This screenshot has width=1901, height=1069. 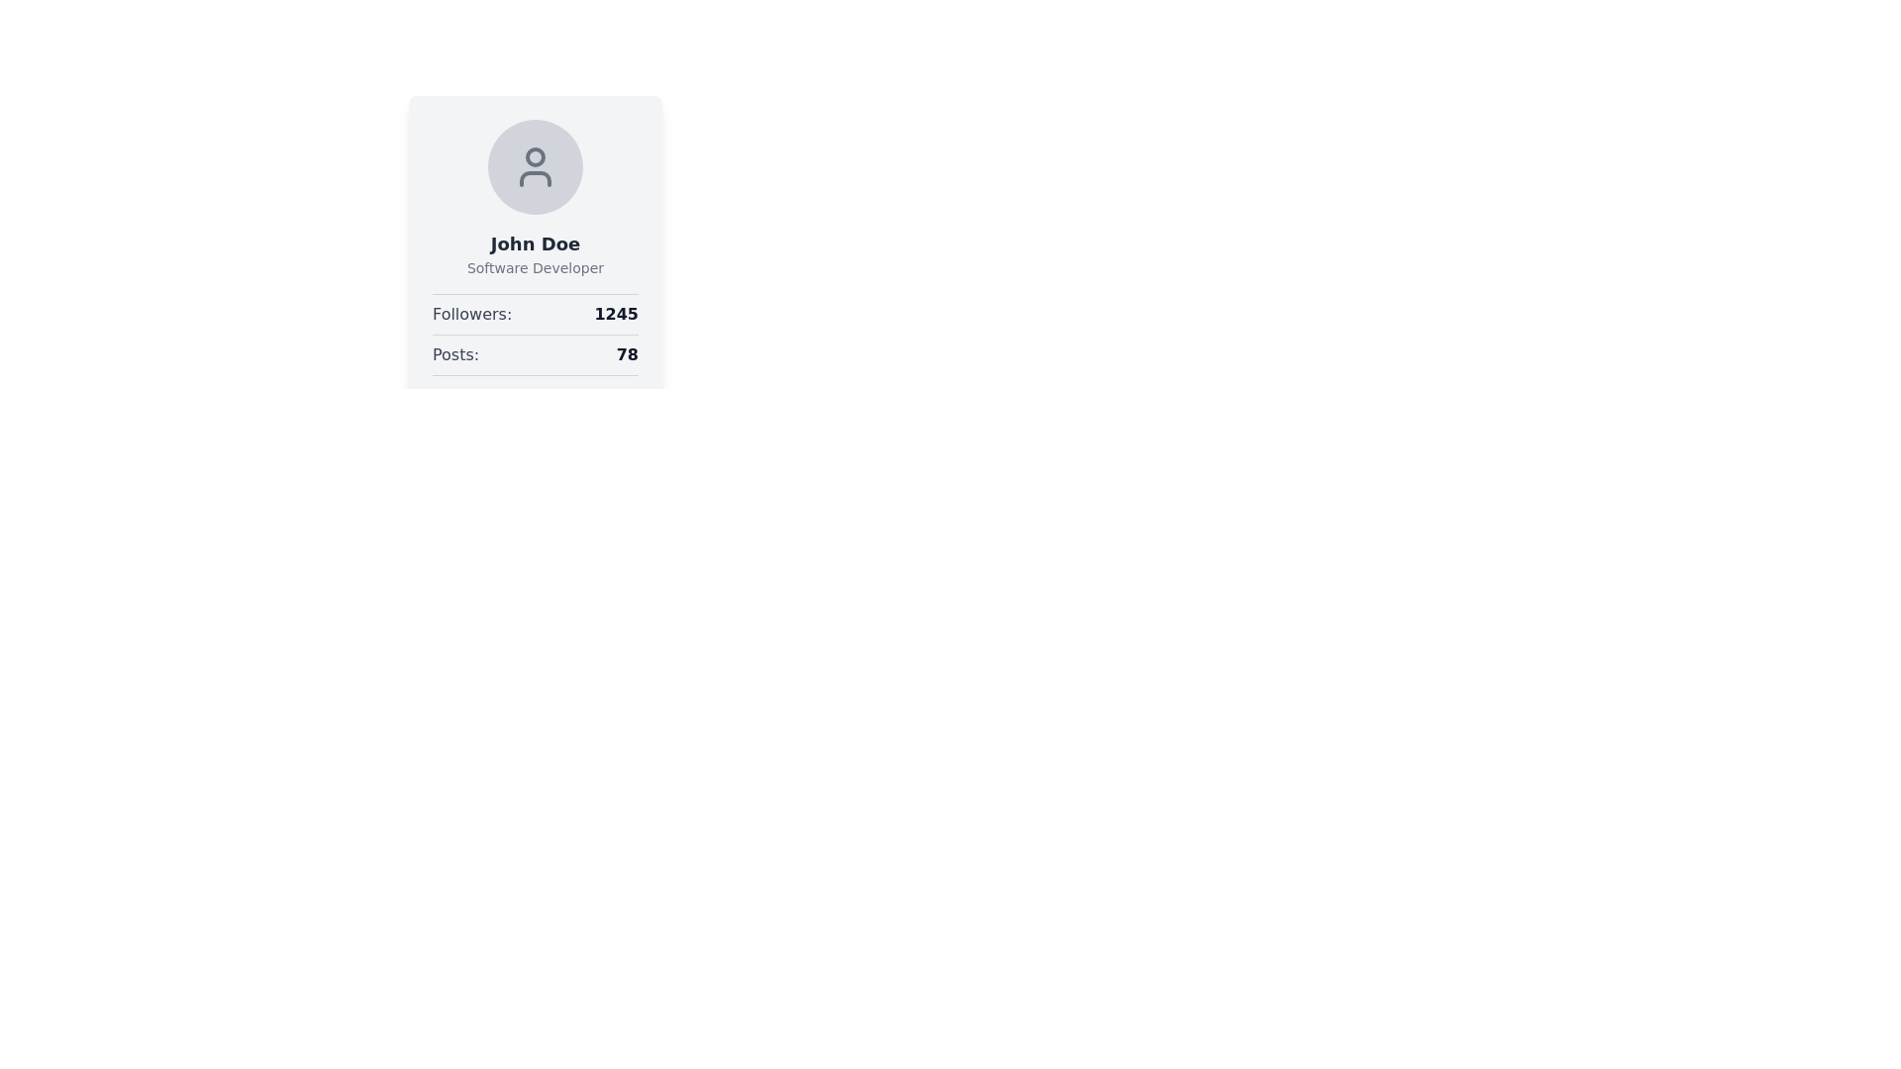 I want to click on the text label that displays the count of posts, located below the label 'Followers:' in the 'Posts:' section of the user profile card, so click(x=626, y=353).